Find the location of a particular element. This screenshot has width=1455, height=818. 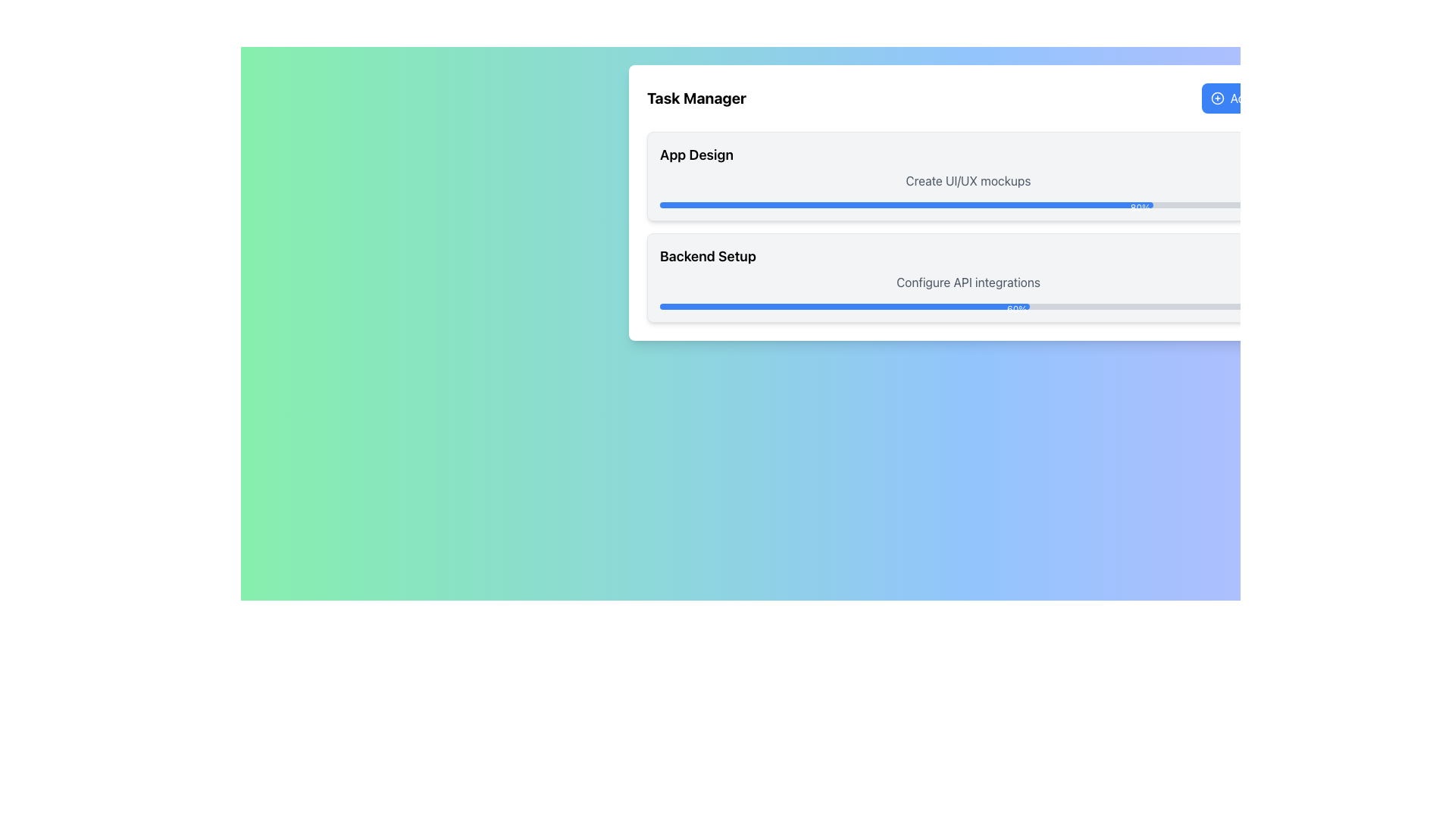

the 'Backend Setup' text label, which is styled in bold and larger font, located in the second card of a vertical stack of task items is located at coordinates (707, 256).